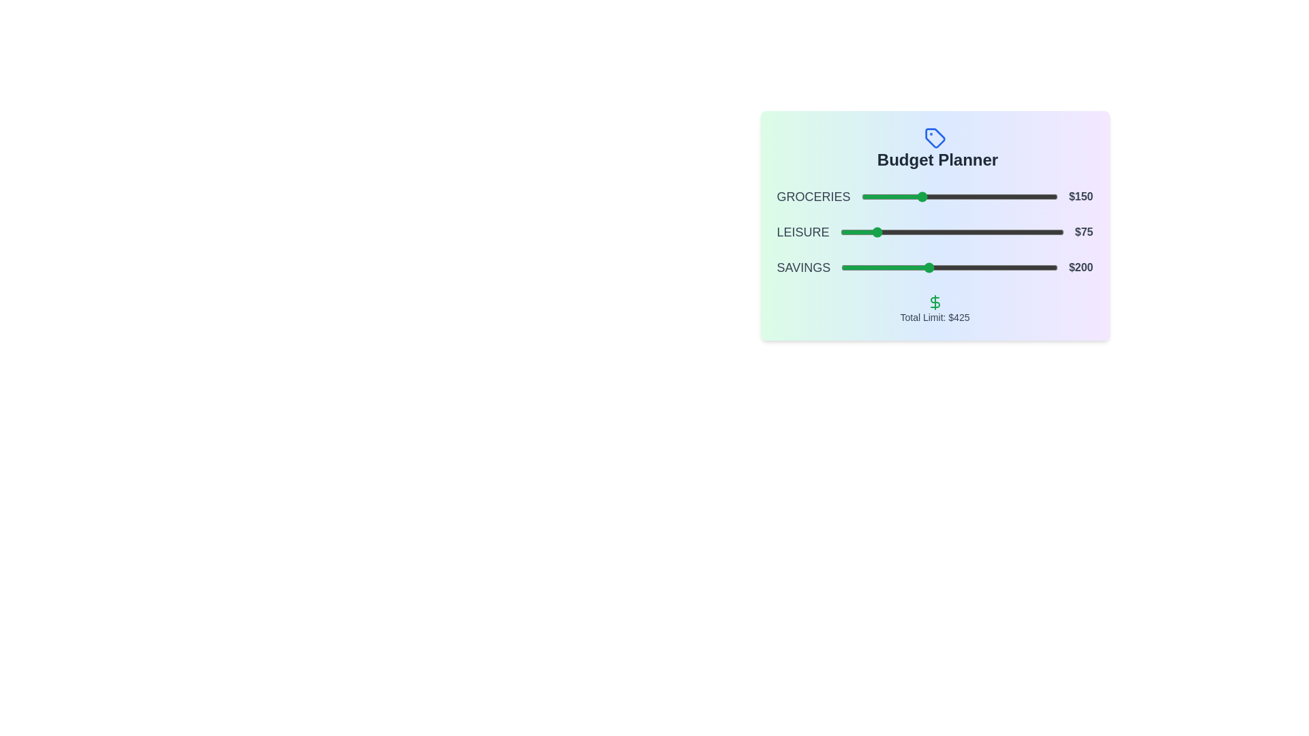  I want to click on the slider for 0 to 175, so click(929, 197).